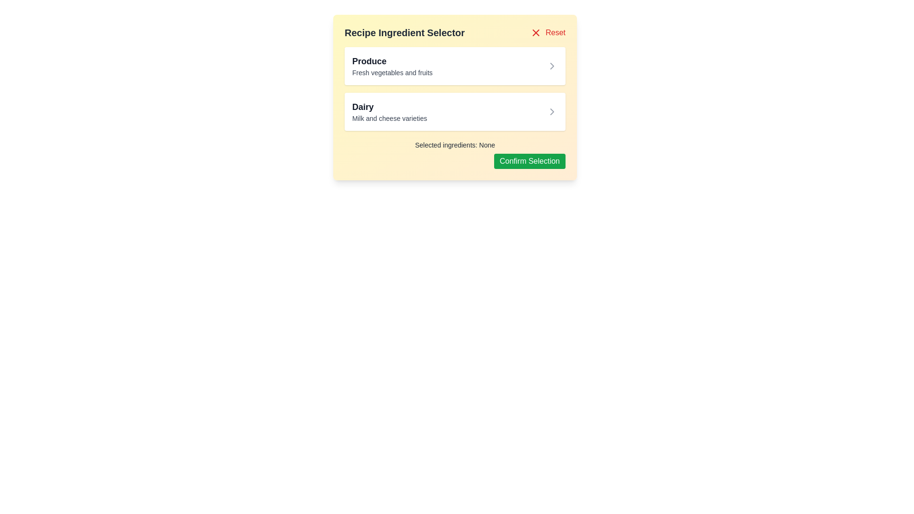  I want to click on the bold, large-sized text displaying 'Recipe Ingredient Selector' located at the top of the light yellow section, so click(405, 32).